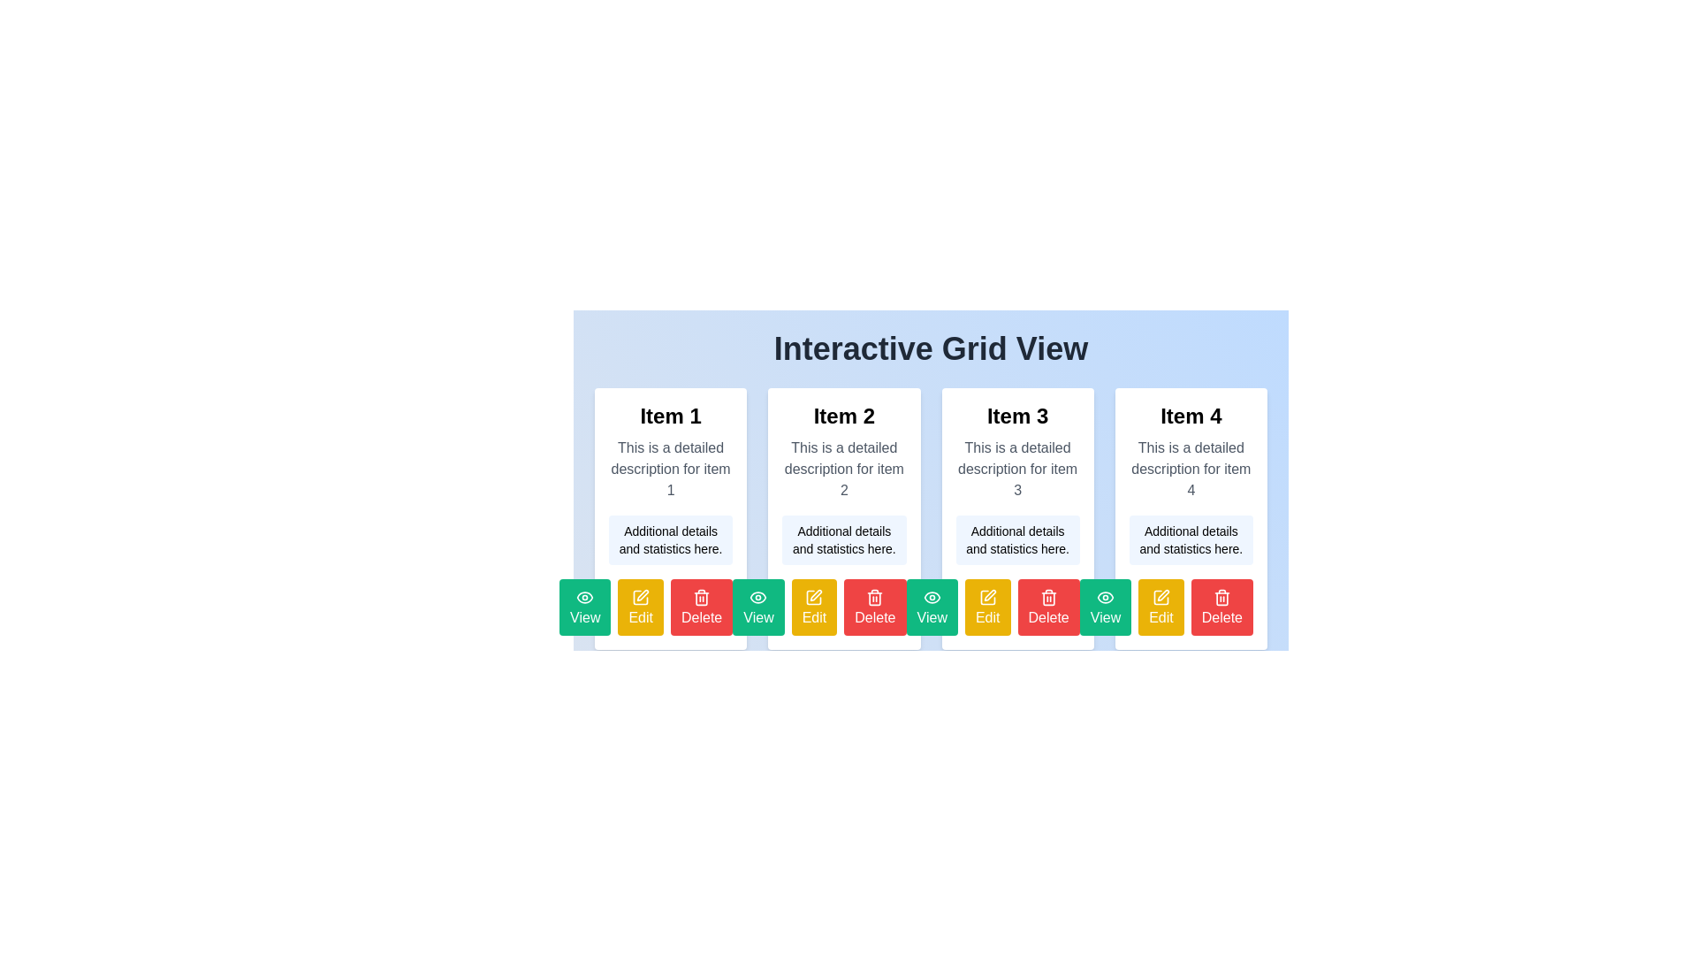 Image resolution: width=1697 pixels, height=955 pixels. What do you see at coordinates (758, 606) in the screenshot?
I see `the 'View' button located under the 'Item 2' box` at bounding box center [758, 606].